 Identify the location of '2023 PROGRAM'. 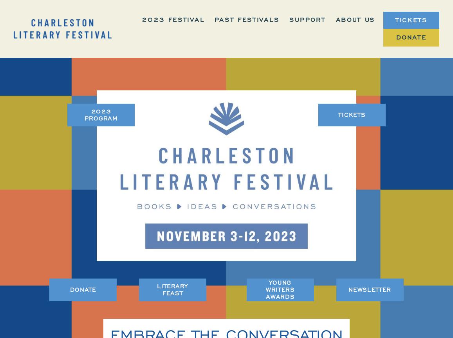
(101, 114).